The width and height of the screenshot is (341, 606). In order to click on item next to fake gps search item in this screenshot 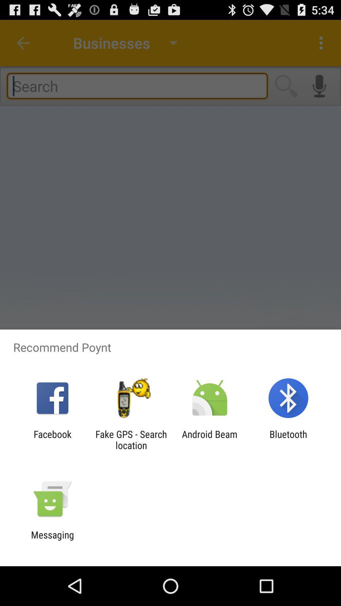, I will do `click(52, 439)`.